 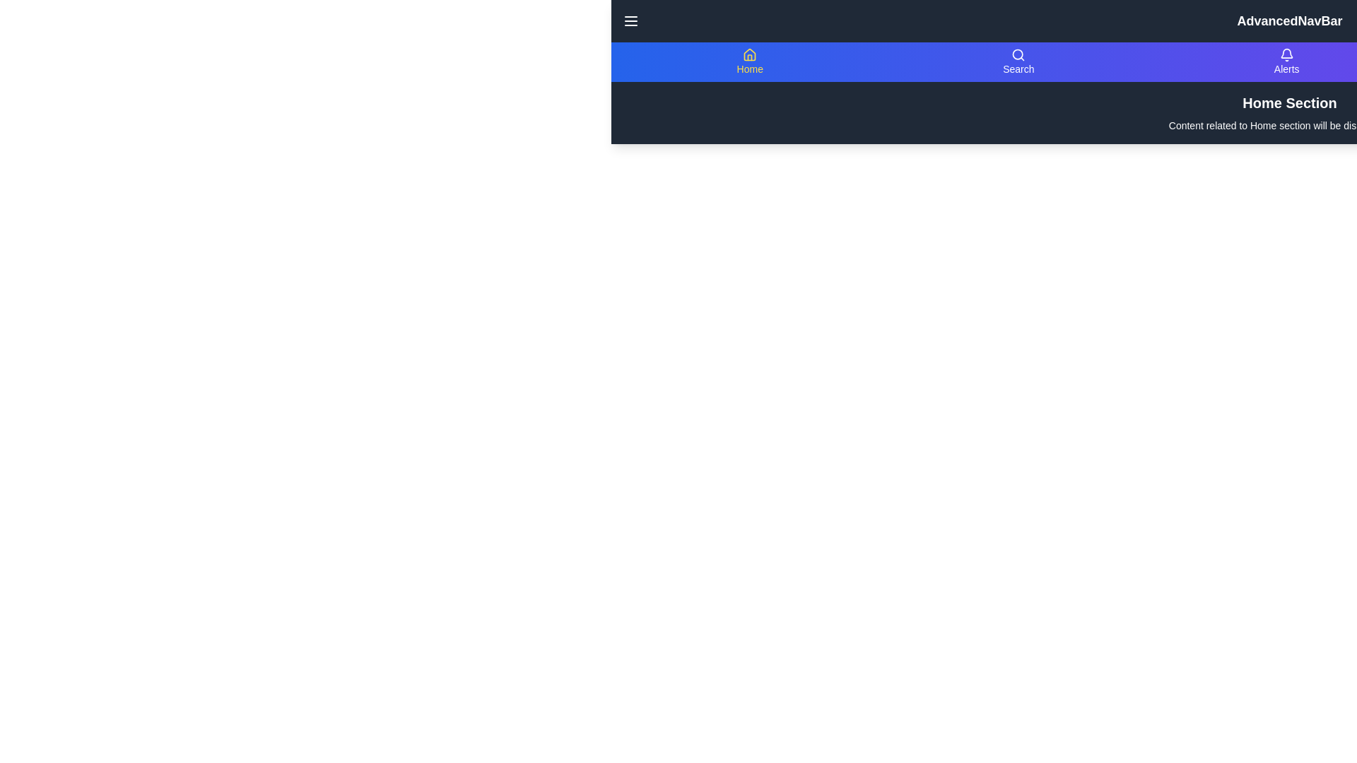 What do you see at coordinates (1018, 61) in the screenshot?
I see `the navigation item labeled Search to view its content` at bounding box center [1018, 61].